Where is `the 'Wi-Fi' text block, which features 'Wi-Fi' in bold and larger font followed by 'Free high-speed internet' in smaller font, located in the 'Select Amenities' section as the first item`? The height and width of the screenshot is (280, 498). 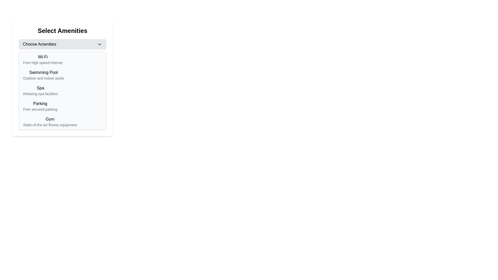
the 'Wi-Fi' text block, which features 'Wi-Fi' in bold and larger font followed by 'Free high-speed internet' in smaller font, located in the 'Select Amenities' section as the first item is located at coordinates (43, 59).